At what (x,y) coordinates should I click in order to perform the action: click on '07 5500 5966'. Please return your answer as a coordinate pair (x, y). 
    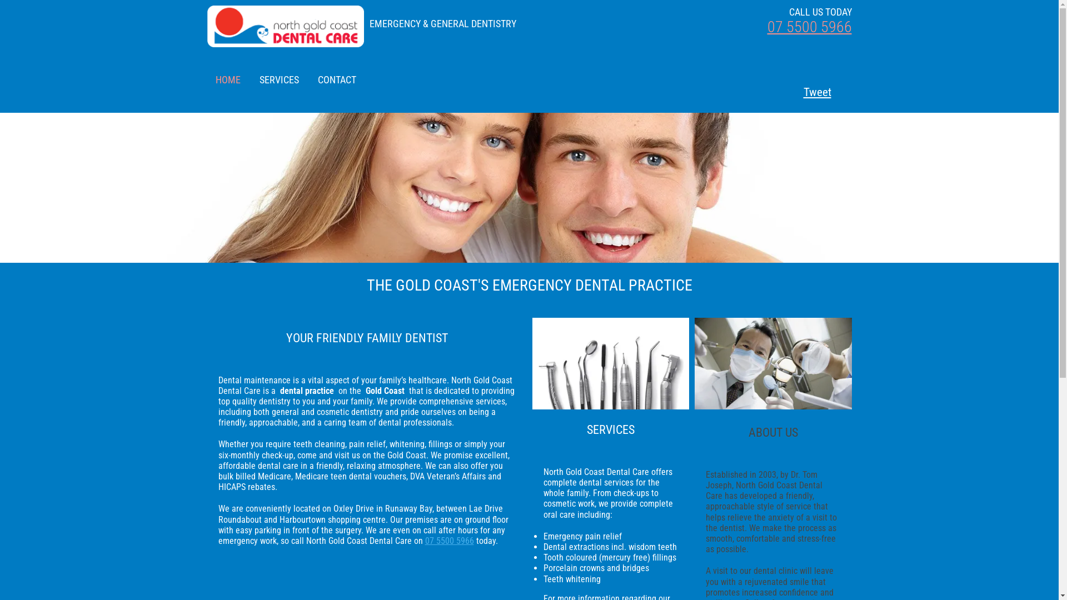
    Looking at the image, I should click on (809, 26).